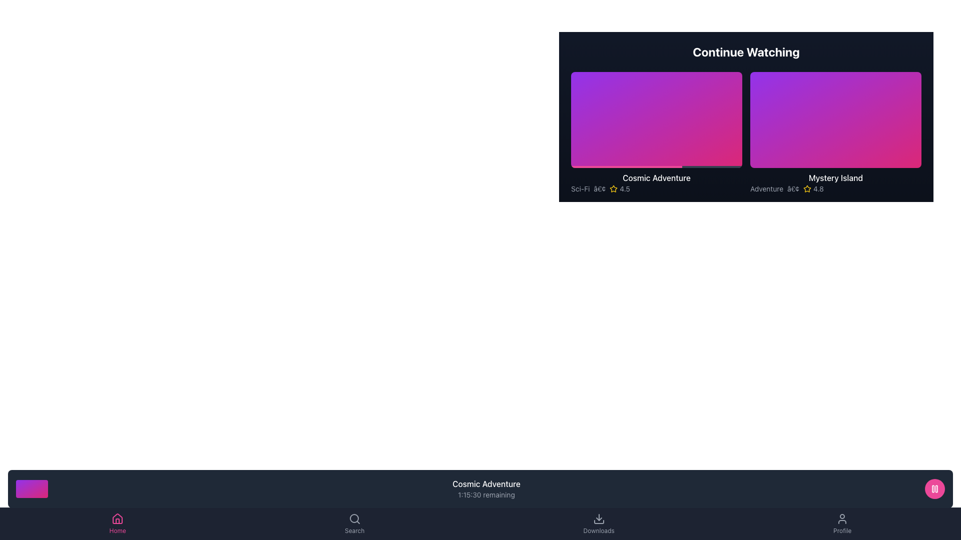  What do you see at coordinates (600, 189) in the screenshot?
I see `the bullet or separator that visually separates the genre 'Sci-Fi' from the rating '4.5'` at bounding box center [600, 189].